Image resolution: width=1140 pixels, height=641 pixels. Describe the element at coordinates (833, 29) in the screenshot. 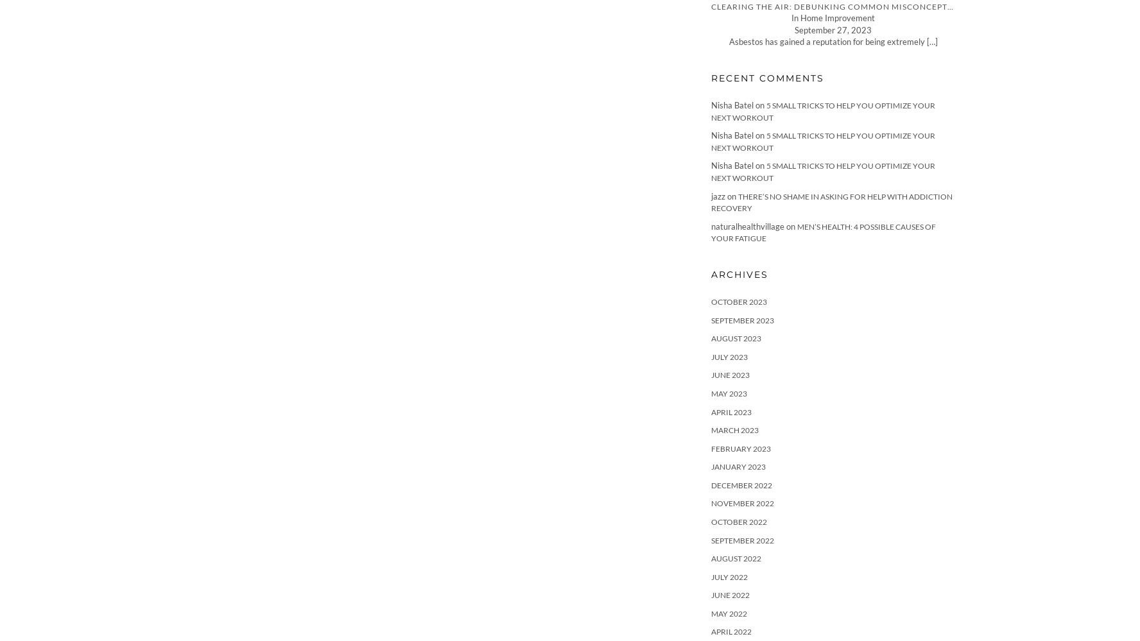

I see `'September 27, 2023'` at that location.